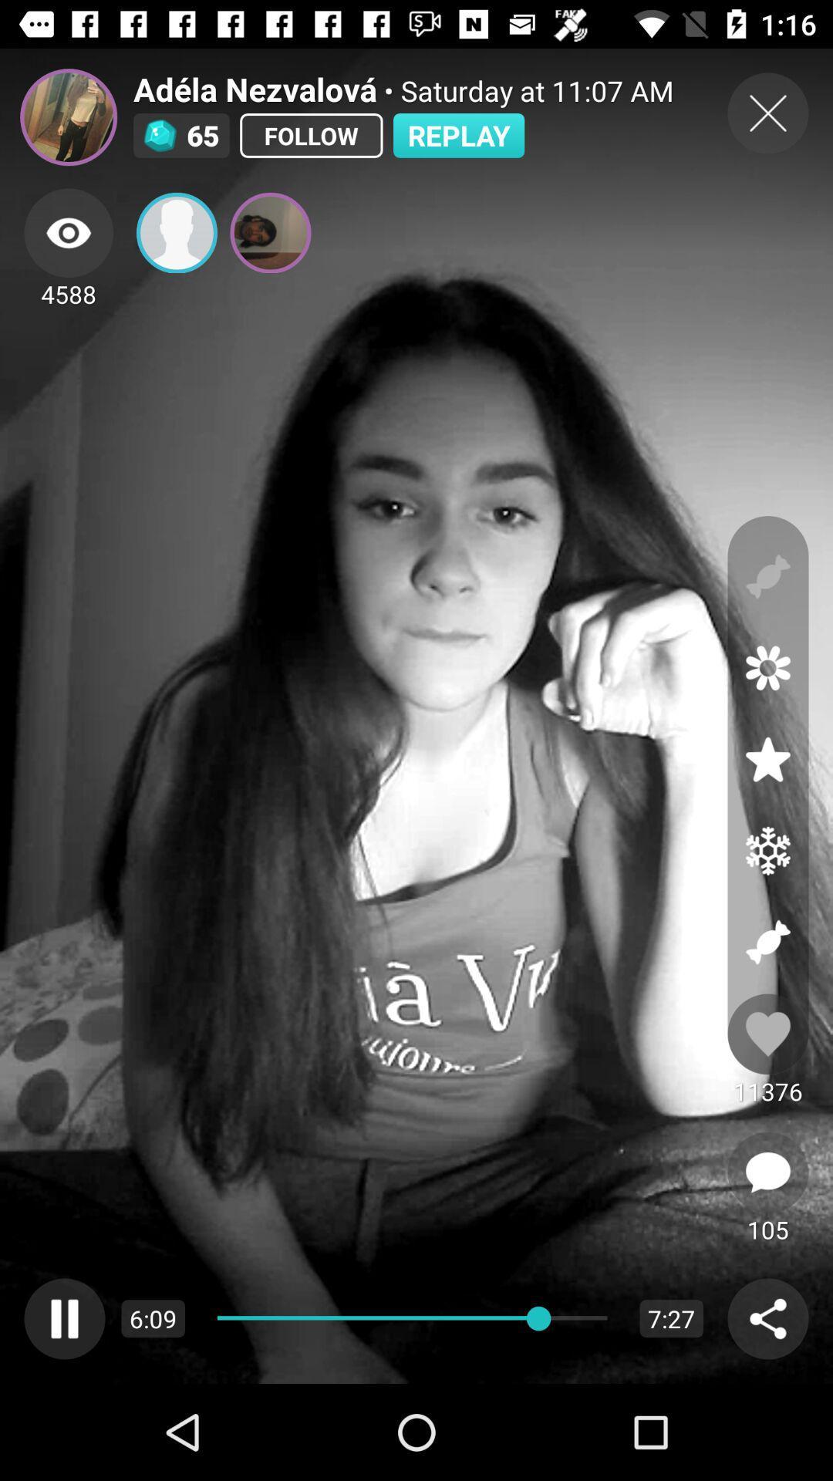 The height and width of the screenshot is (1481, 833). What do you see at coordinates (767, 668) in the screenshot?
I see `edit the photo` at bounding box center [767, 668].